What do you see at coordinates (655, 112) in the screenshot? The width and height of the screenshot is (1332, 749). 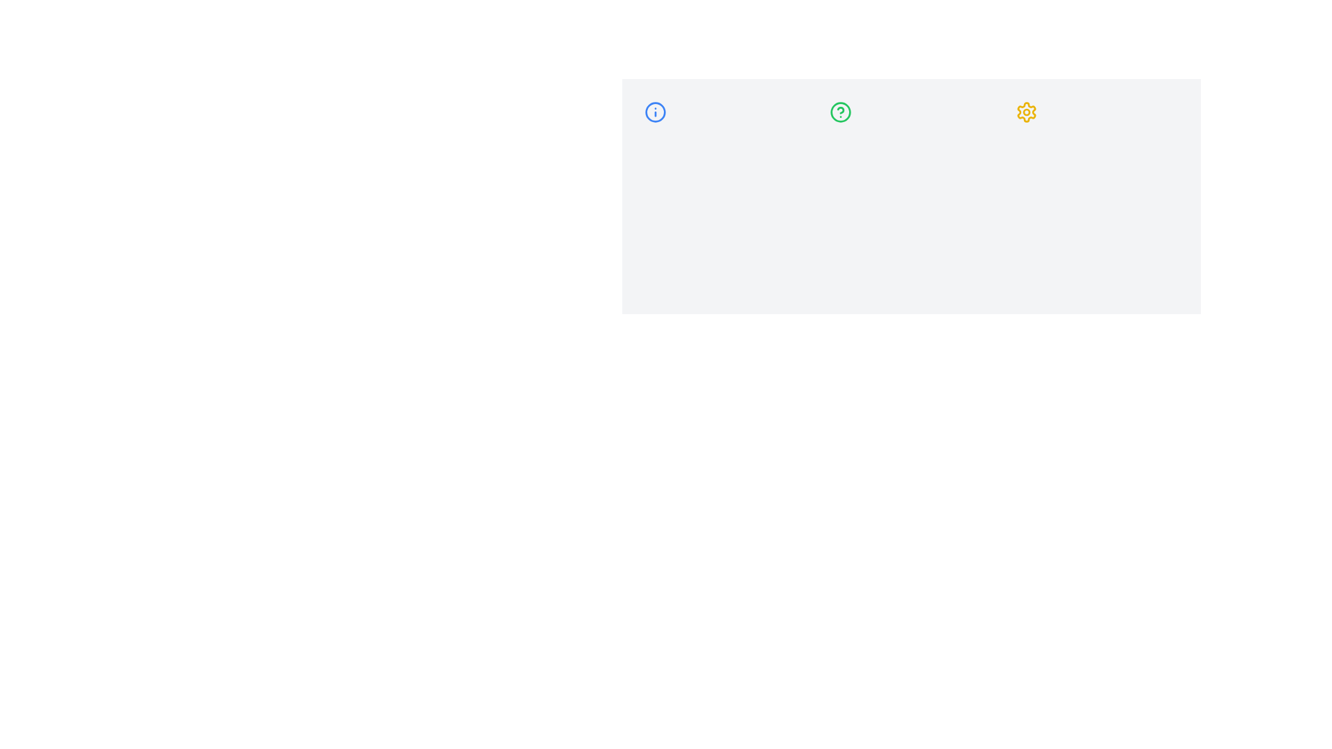 I see `the circular blue information icon with the letter 'i' in the center, located on the upper-left side among three similar icons` at bounding box center [655, 112].